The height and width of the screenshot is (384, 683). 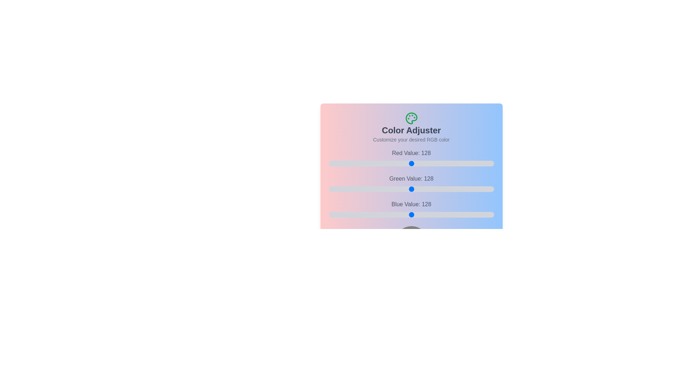 What do you see at coordinates (443, 189) in the screenshot?
I see `the 1 slider to 100` at bounding box center [443, 189].